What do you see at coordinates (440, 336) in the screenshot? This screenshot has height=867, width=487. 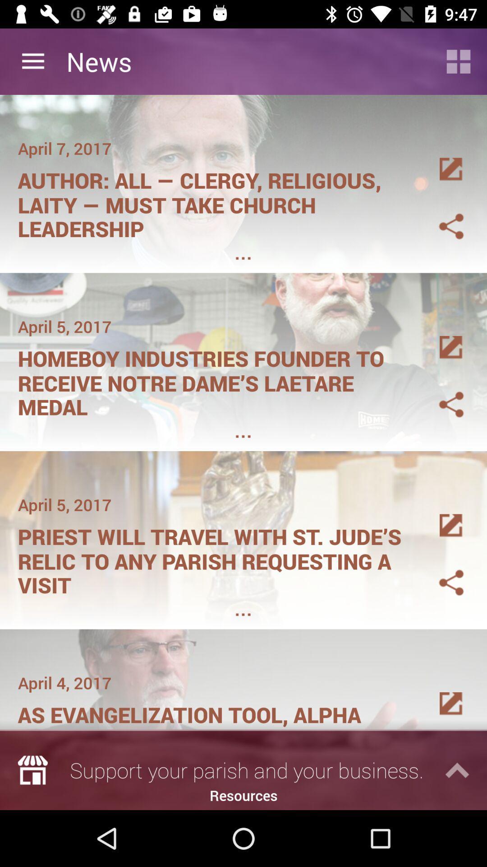 I see `the gallary` at bounding box center [440, 336].